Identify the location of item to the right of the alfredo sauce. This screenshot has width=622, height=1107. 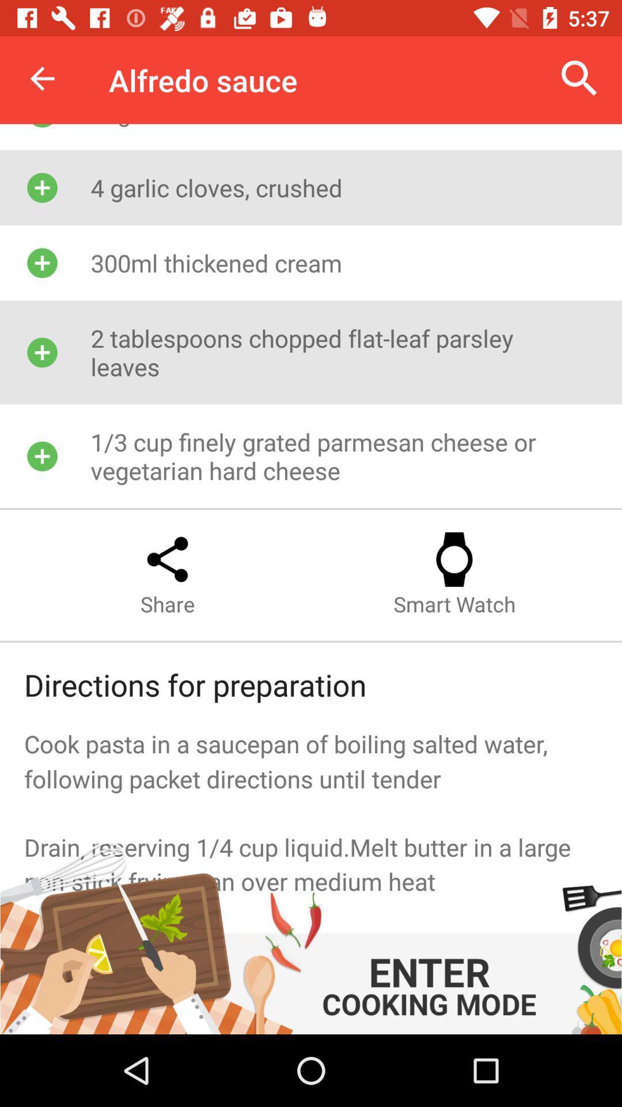
(579, 78).